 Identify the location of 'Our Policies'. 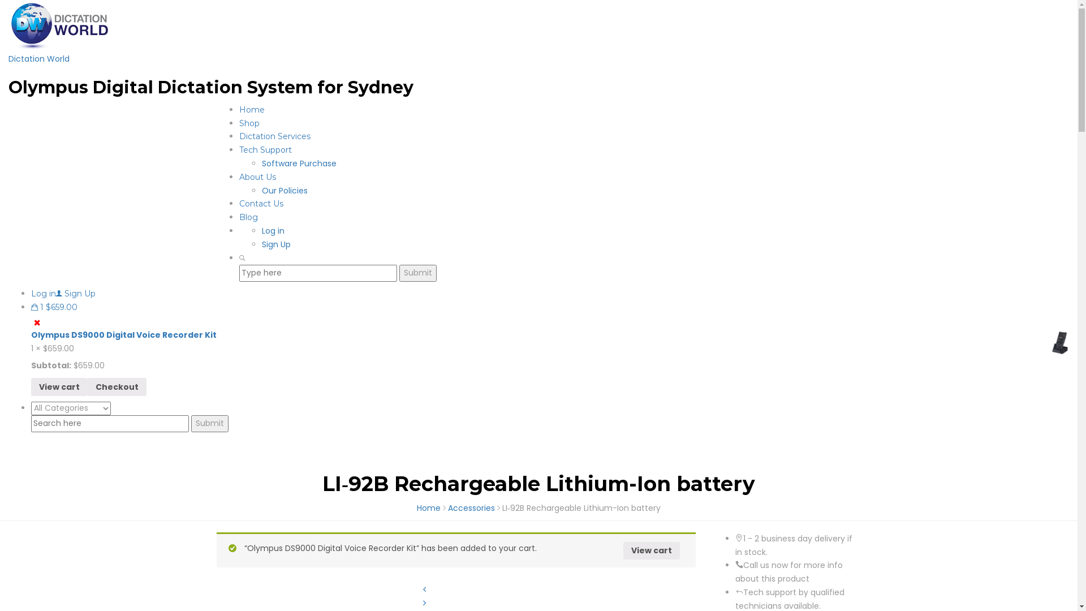
(260, 190).